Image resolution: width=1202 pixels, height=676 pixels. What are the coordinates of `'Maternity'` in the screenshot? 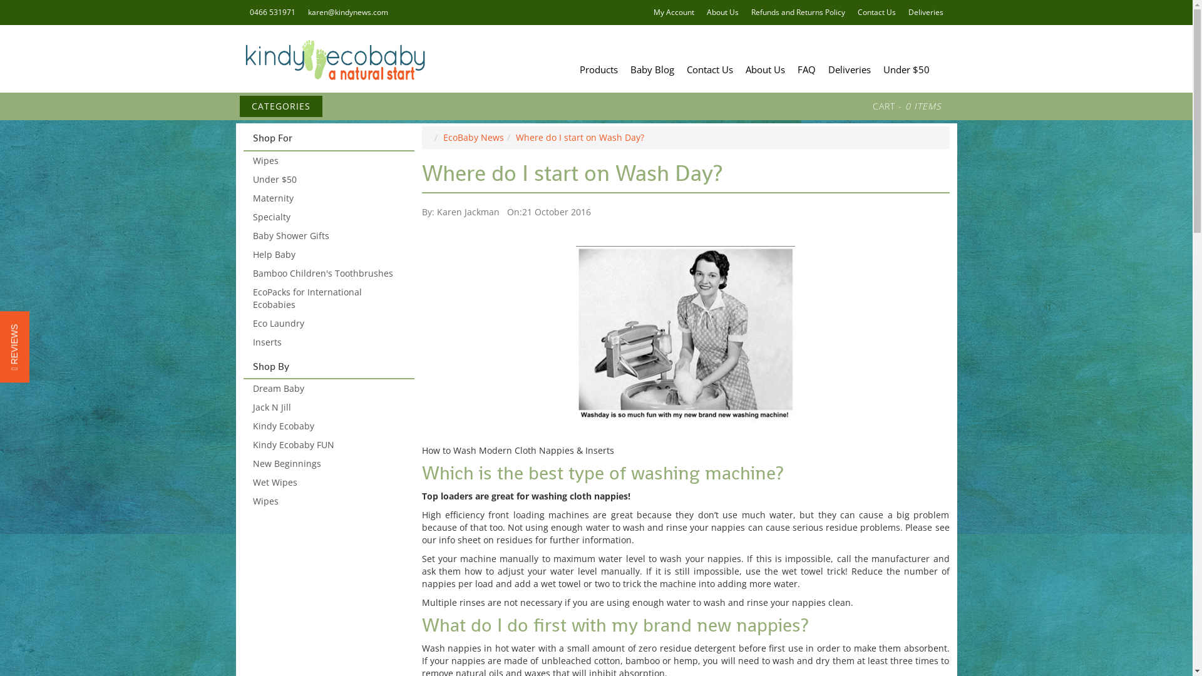 It's located at (243, 197).